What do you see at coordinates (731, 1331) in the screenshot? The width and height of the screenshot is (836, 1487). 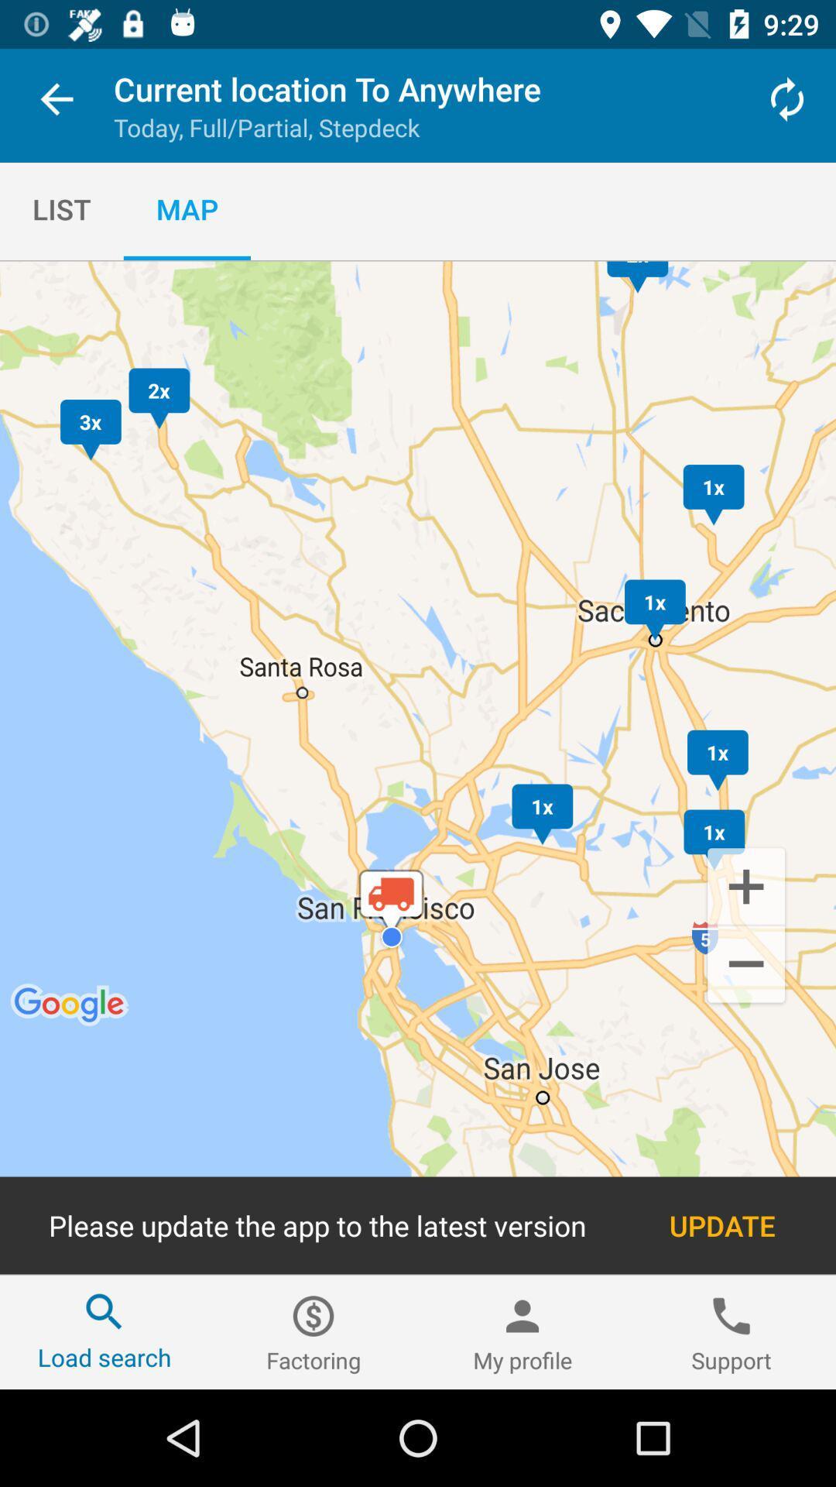 I see `the support` at bounding box center [731, 1331].